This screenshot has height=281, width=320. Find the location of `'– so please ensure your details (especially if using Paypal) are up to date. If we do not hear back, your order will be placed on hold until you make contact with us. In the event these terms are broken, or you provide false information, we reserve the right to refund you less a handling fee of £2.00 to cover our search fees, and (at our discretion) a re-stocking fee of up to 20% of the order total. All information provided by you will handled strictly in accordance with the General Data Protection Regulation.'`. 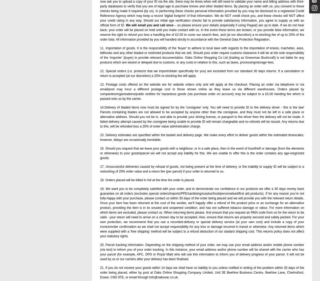

'– so please ensure your details (especially if using Paypal) are up to date. If we do not hear back, your order will be placed on hold until you make contact with us. In the event these terms are broken, or you provide false information, we reserve the right to refund you less a handling fee of £2.00 to cover our search fees, and (at our discretion) a re-stocking fee of up to 20% of the order total. All information provided by you will handled strictly in accordance with the General Data Protection Regulation.' is located at coordinates (202, 32).